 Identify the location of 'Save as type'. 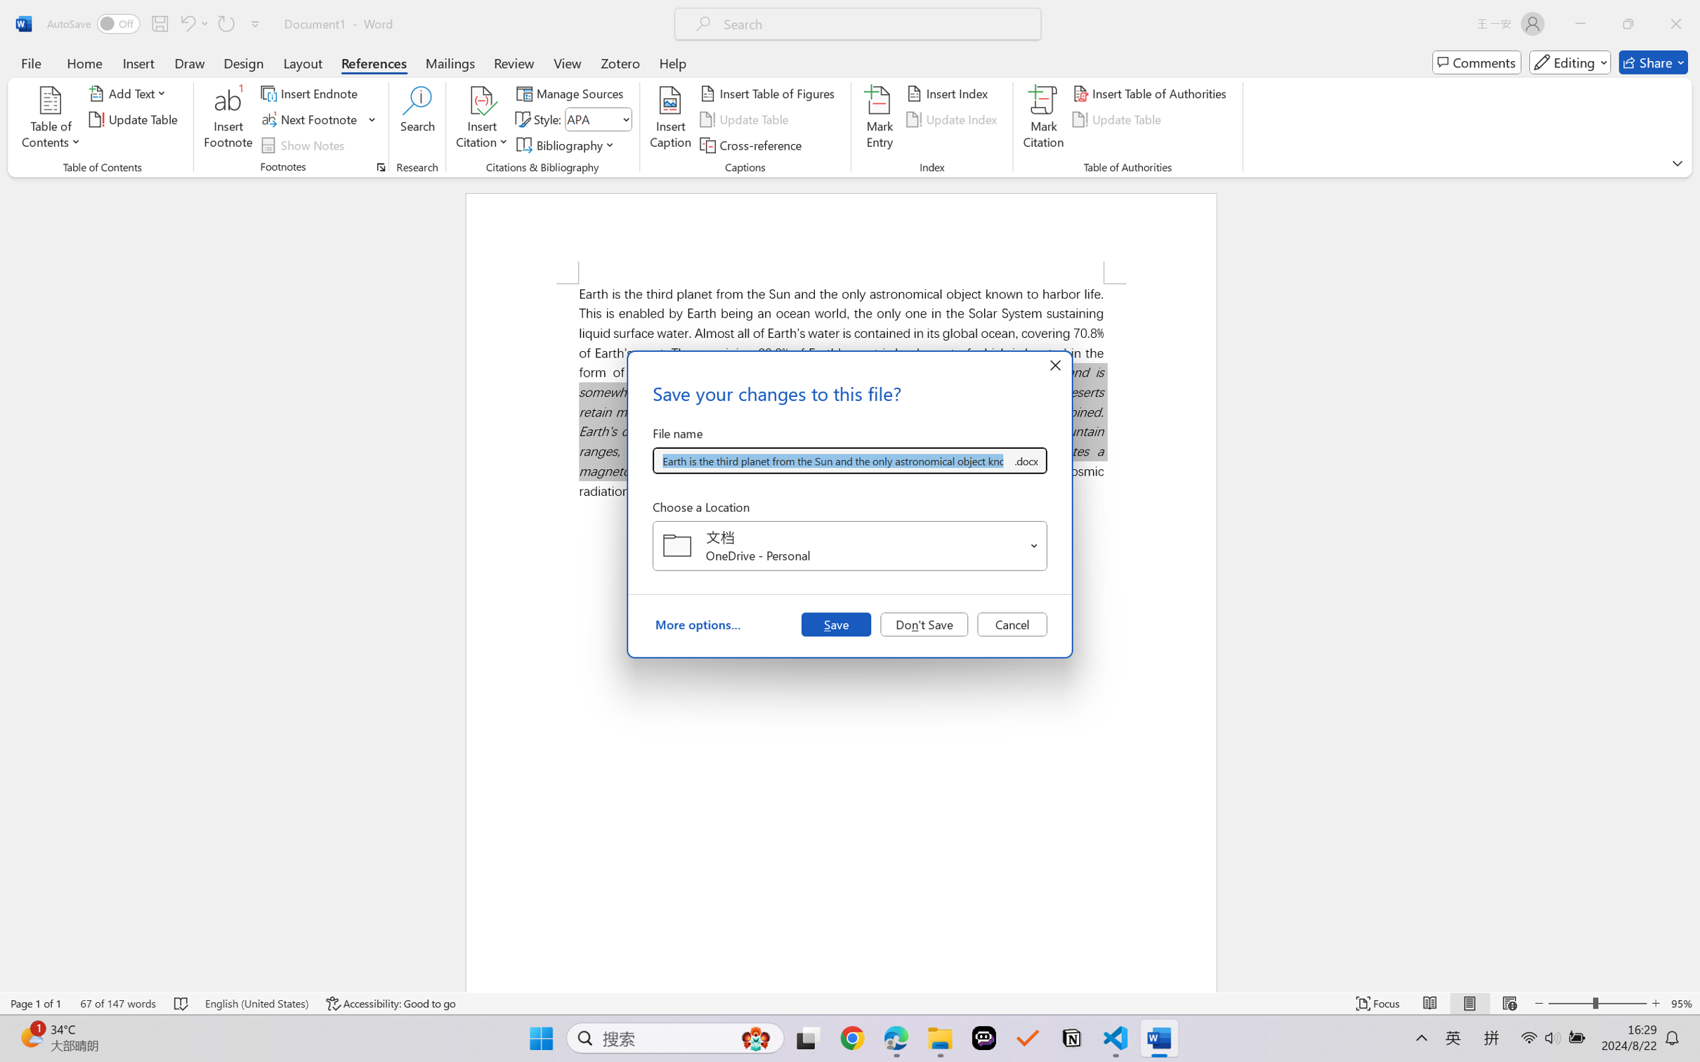
(1025, 461).